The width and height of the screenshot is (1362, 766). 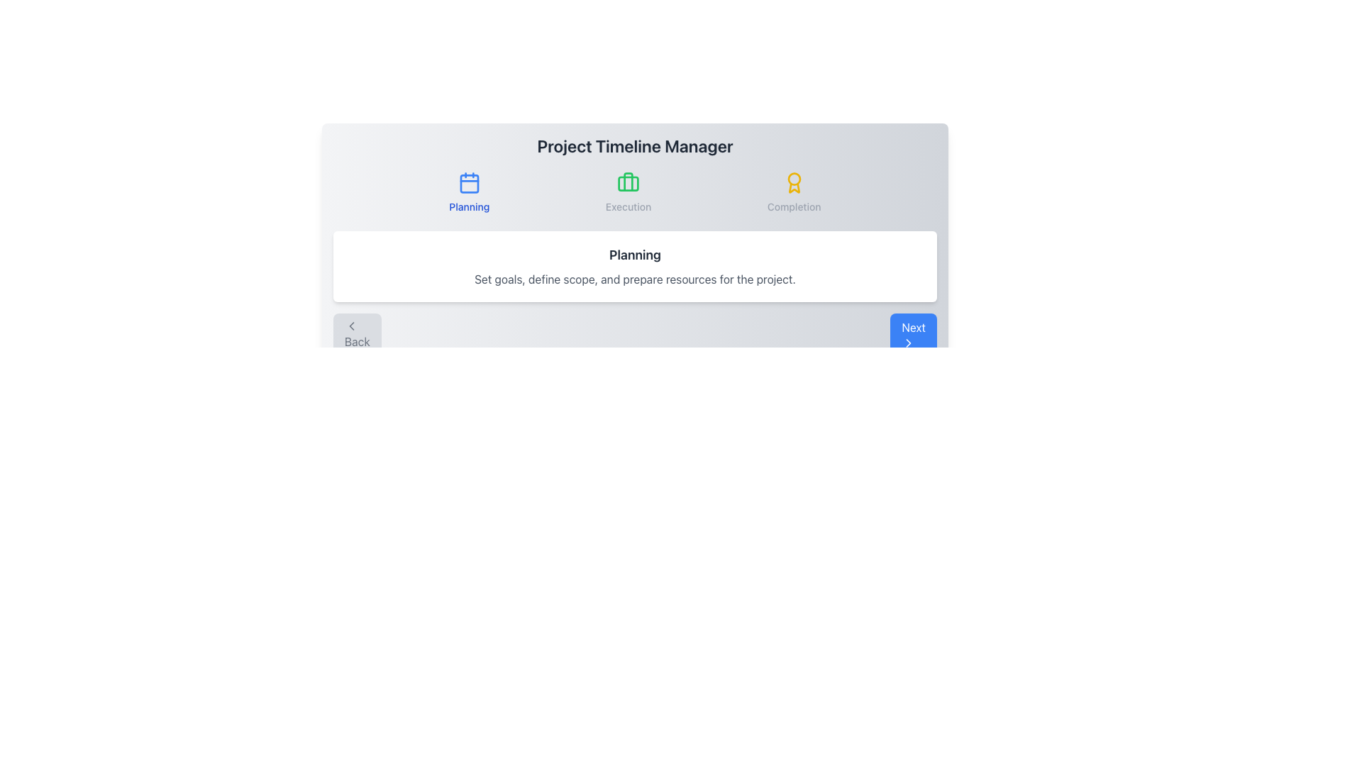 What do you see at coordinates (469, 193) in the screenshot?
I see `the 'Planning' button-like interactive card in the Project Timeline Manager` at bounding box center [469, 193].